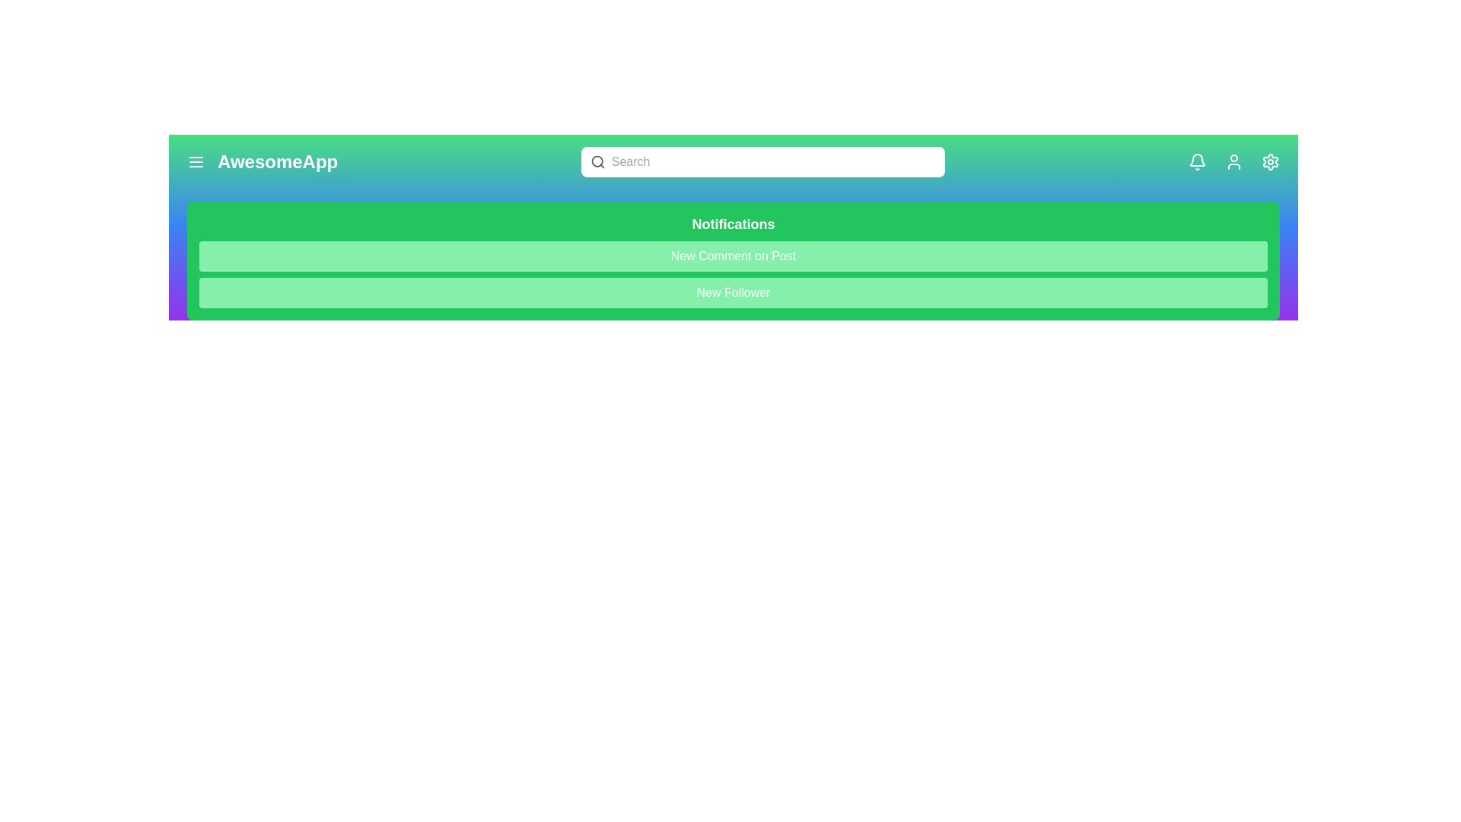 Image resolution: width=1461 pixels, height=822 pixels. What do you see at coordinates (263, 161) in the screenshot?
I see `application name 'AwesomeApp' displayed in the title and branding area located at the top-left corner of the interface` at bounding box center [263, 161].